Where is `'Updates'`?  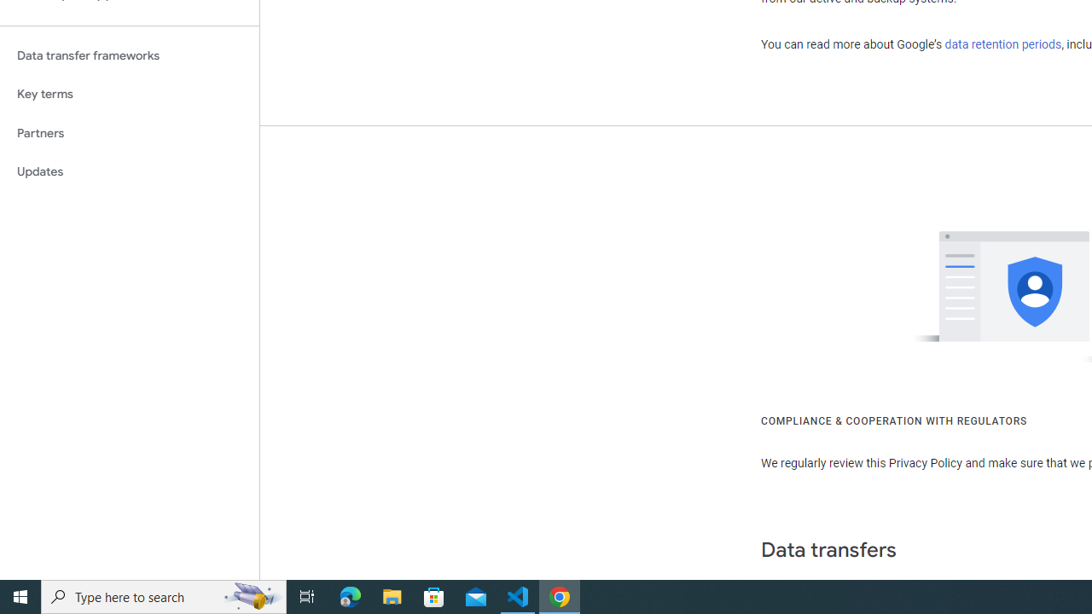 'Updates' is located at coordinates (129, 171).